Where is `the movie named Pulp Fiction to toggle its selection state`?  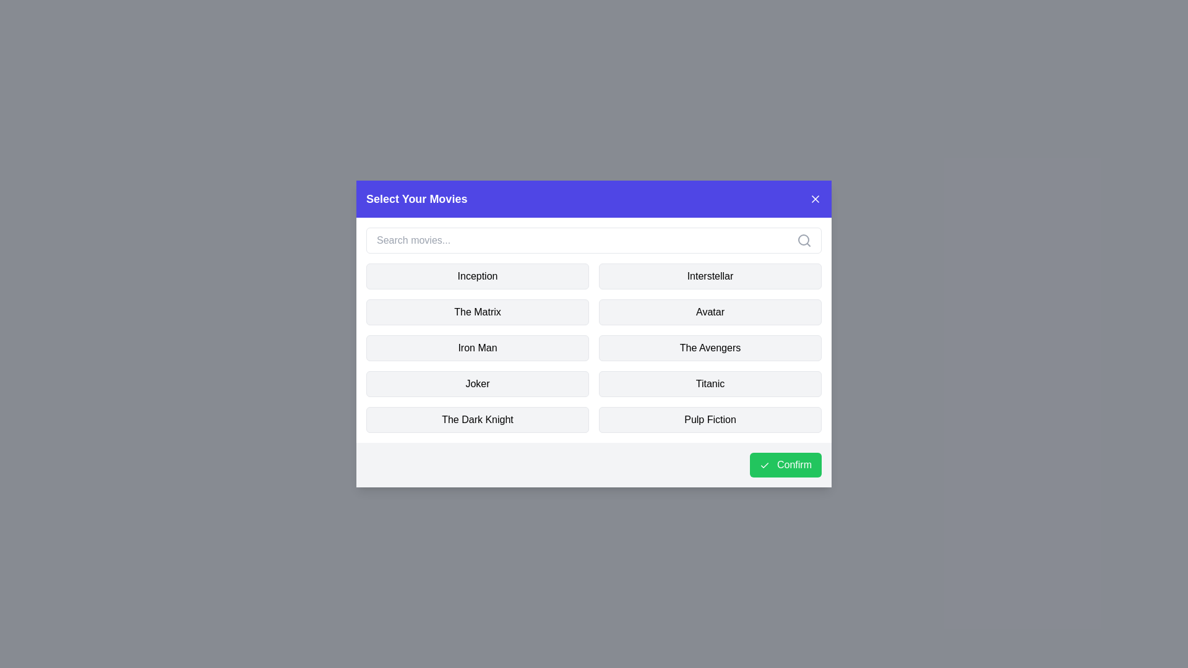
the movie named Pulp Fiction to toggle its selection state is located at coordinates (710, 419).